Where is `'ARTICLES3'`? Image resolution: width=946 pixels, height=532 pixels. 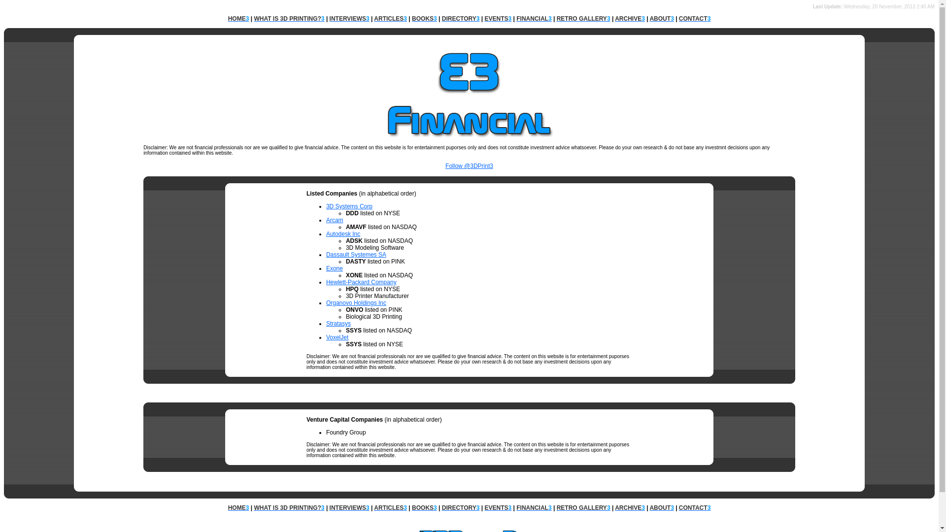
'ARTICLES3' is located at coordinates (373, 507).